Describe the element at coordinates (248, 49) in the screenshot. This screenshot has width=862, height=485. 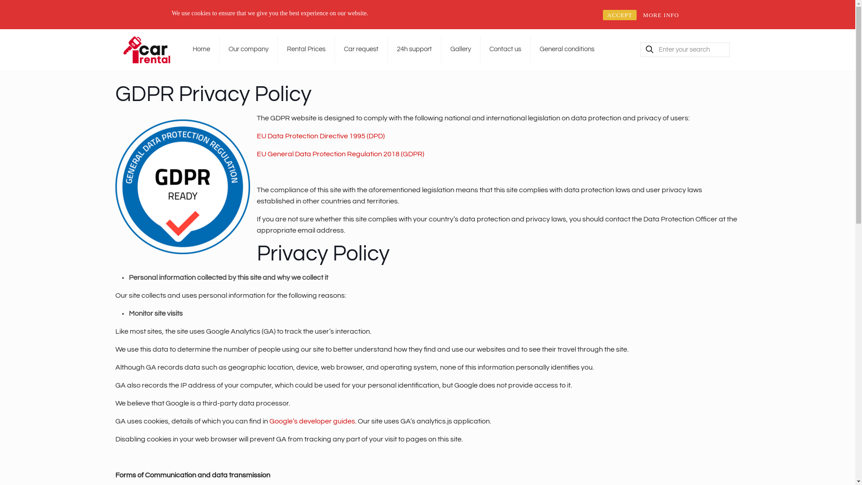
I see `'Our company'` at that location.